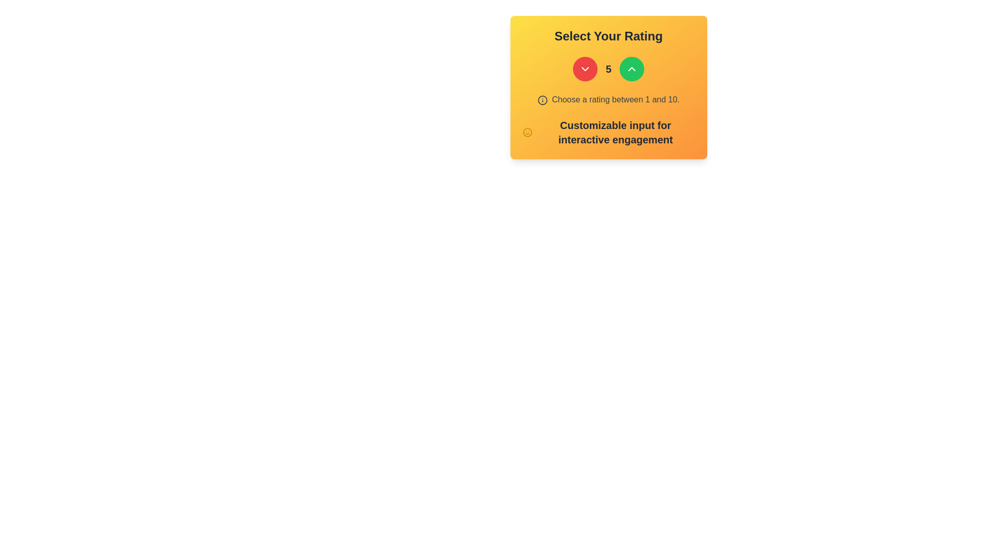 This screenshot has height=553, width=984. I want to click on the increment button with an upward-facing chevron arrow icon, which is enclosed in a circular green background and is part of the rating interface, so click(631, 69).